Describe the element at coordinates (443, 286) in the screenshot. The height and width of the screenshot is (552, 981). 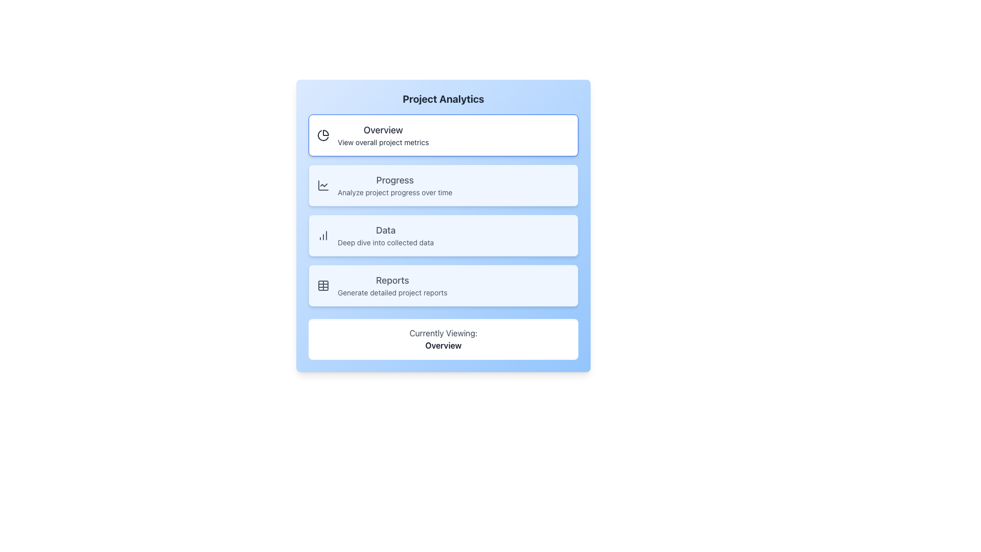
I see `the 'Reports' button` at that location.